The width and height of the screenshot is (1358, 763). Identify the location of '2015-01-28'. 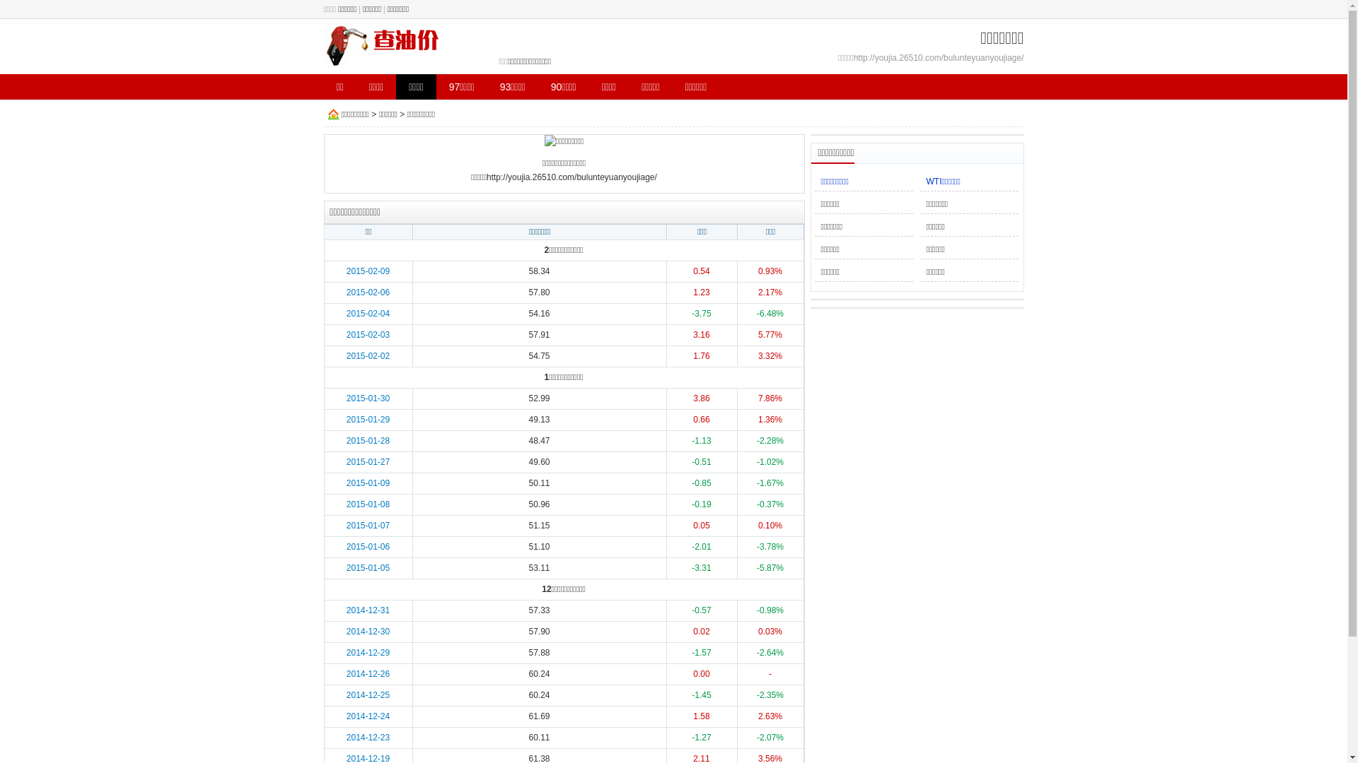
(368, 440).